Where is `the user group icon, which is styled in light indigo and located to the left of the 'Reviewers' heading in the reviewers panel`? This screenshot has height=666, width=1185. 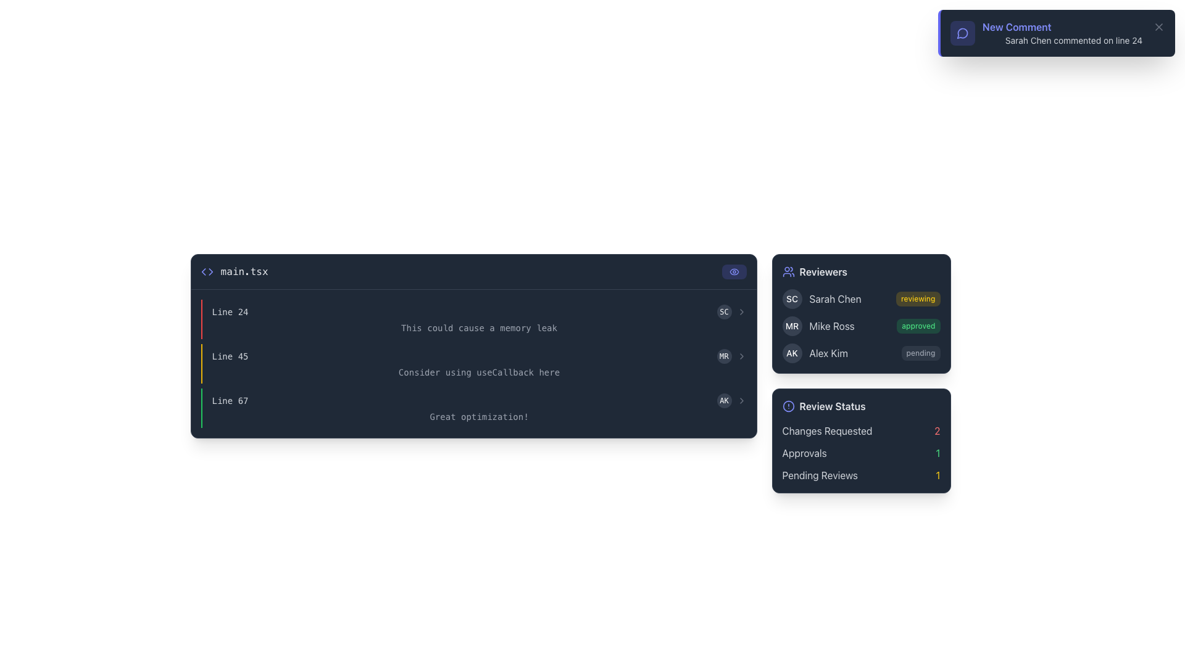 the user group icon, which is styled in light indigo and located to the left of the 'Reviewers' heading in the reviewers panel is located at coordinates (788, 271).